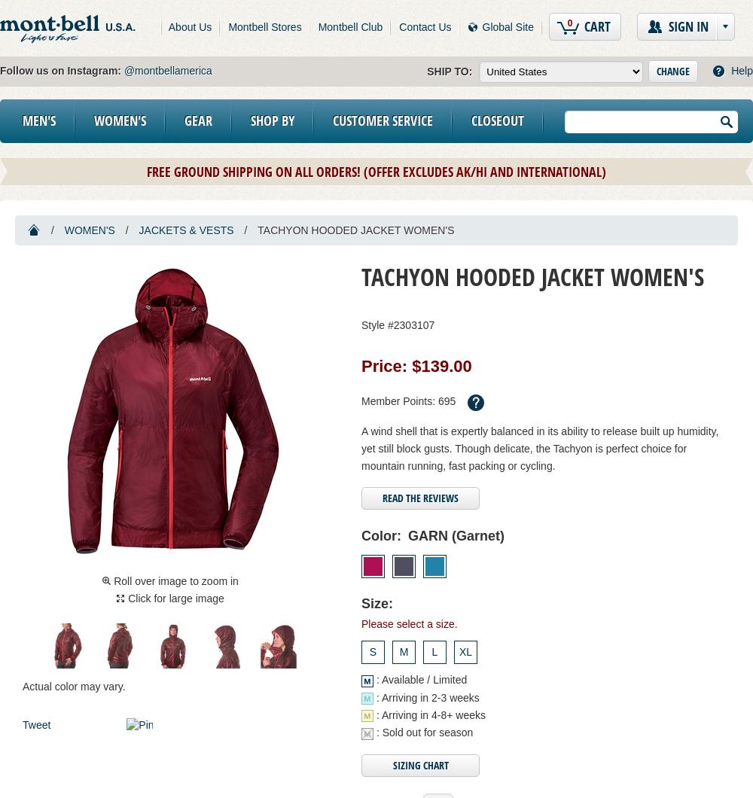 This screenshot has height=798, width=753. What do you see at coordinates (36, 723) in the screenshot?
I see `'Tweet'` at bounding box center [36, 723].